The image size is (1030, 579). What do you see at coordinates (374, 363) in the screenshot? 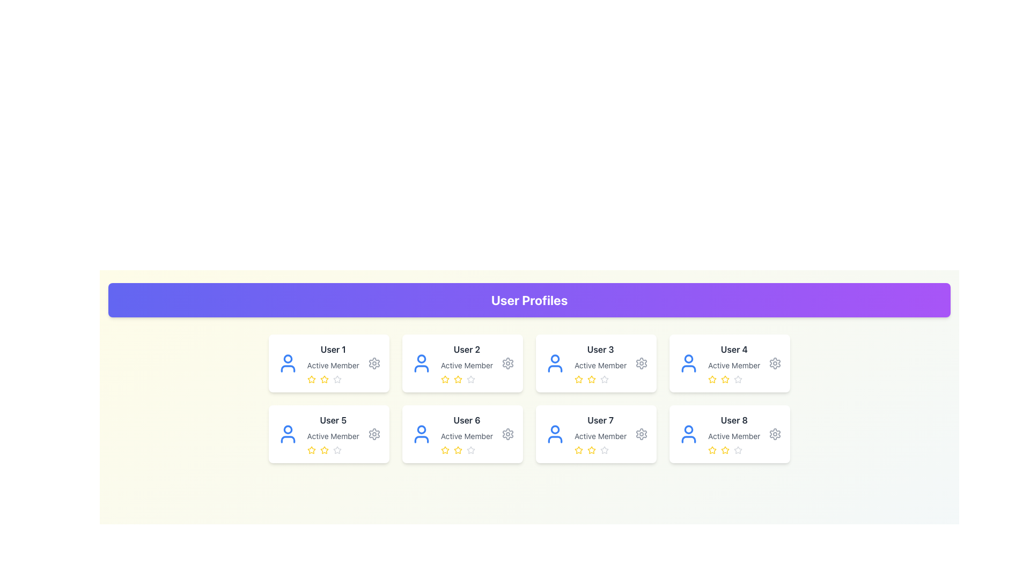
I see `the gear-shaped settings icon located in the top-right corner of the card labeled 'User 1'` at bounding box center [374, 363].